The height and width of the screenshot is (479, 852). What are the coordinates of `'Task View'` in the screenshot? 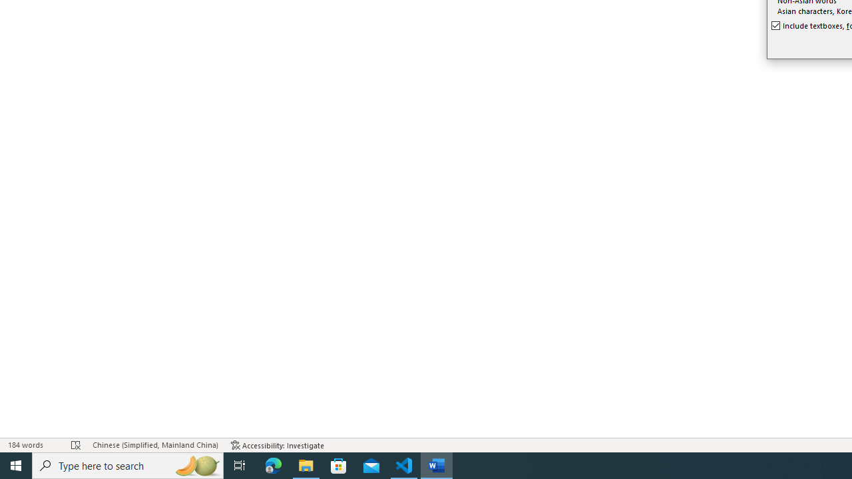 It's located at (239, 464).